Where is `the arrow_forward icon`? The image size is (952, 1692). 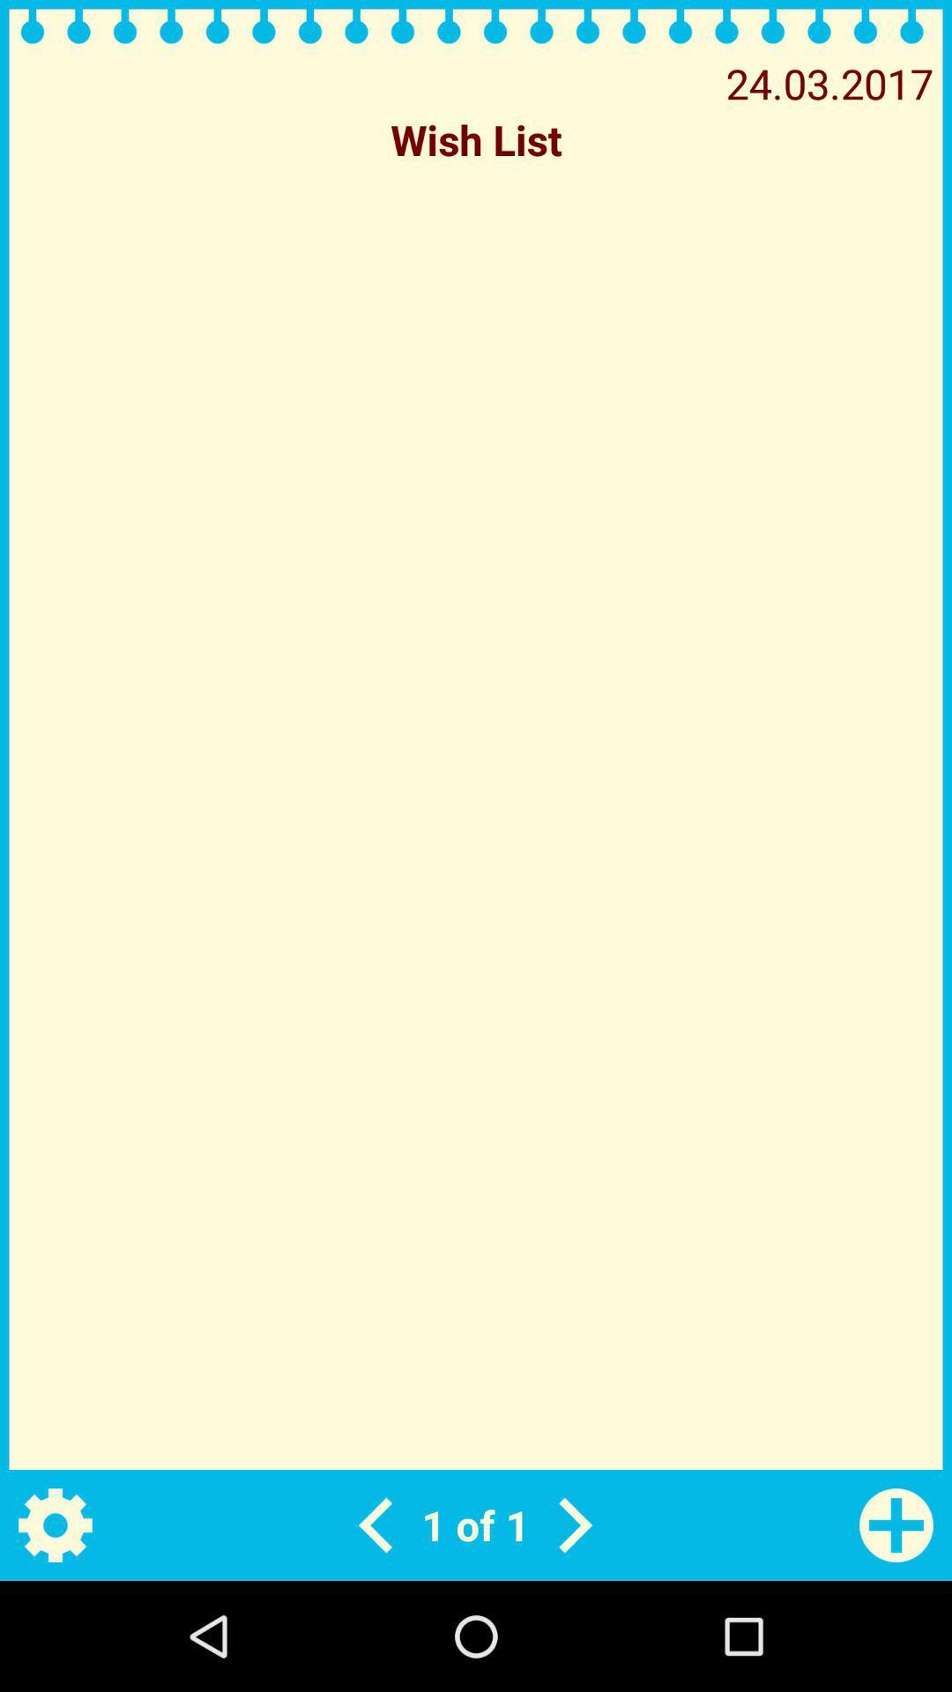
the arrow_forward icon is located at coordinates (576, 1631).